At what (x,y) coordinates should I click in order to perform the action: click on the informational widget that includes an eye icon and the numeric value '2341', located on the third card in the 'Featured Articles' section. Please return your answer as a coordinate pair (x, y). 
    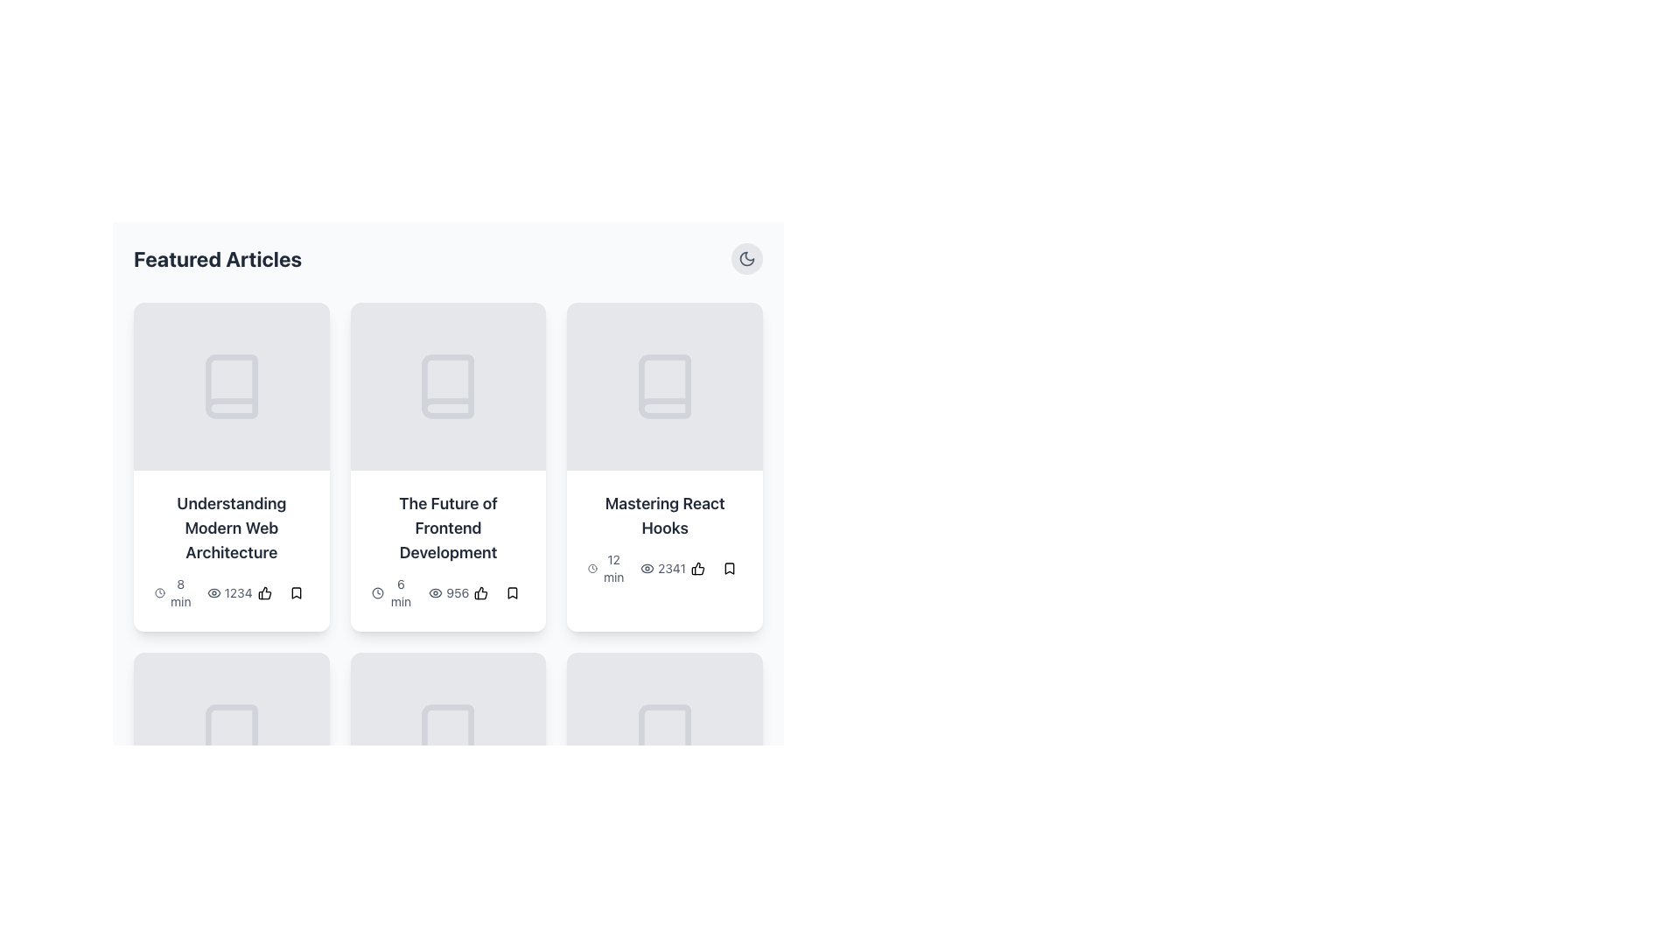
    Looking at the image, I should click on (662, 569).